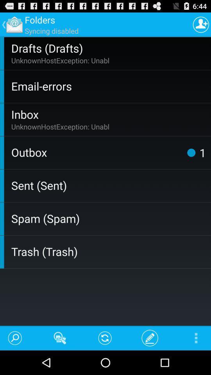  Describe the element at coordinates (109, 218) in the screenshot. I see `the item above the trash (trash) icon` at that location.